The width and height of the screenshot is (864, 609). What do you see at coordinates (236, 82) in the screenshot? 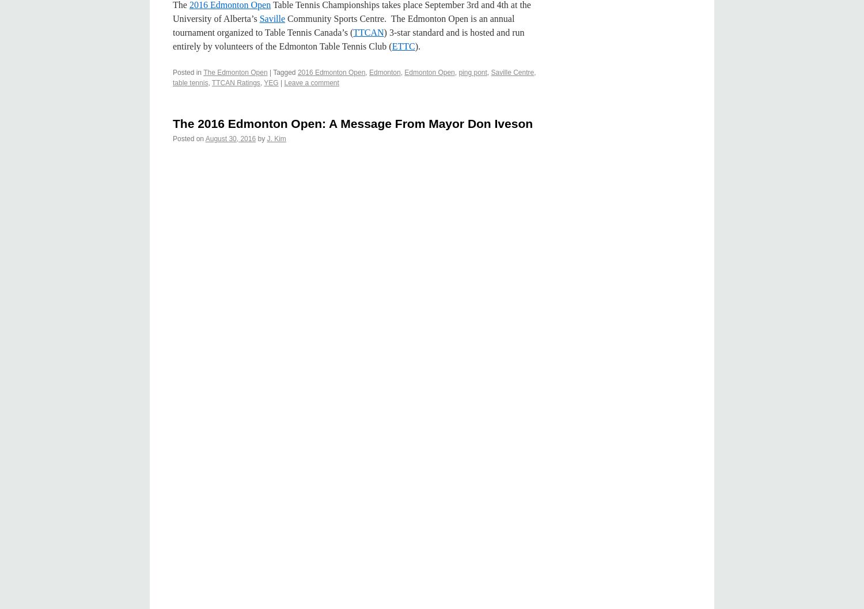
I see `'TTCAN Ratings'` at bounding box center [236, 82].